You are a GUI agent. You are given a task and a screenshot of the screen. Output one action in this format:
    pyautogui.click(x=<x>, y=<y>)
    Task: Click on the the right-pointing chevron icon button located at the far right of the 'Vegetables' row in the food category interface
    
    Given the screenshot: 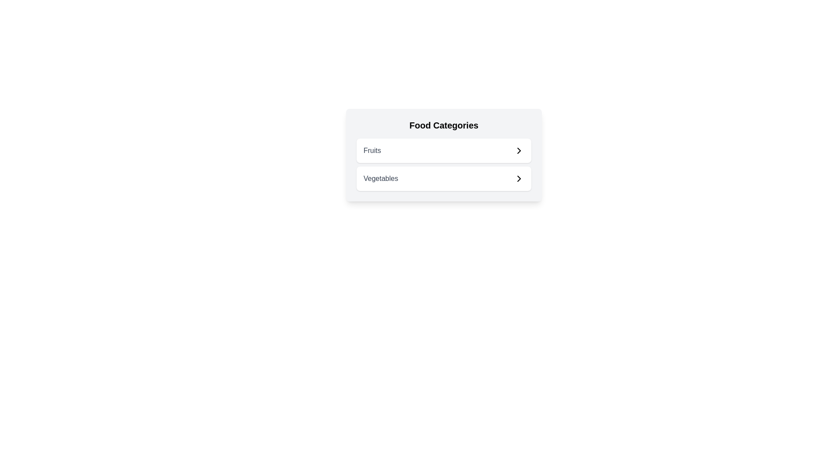 What is the action you would take?
    pyautogui.click(x=519, y=178)
    